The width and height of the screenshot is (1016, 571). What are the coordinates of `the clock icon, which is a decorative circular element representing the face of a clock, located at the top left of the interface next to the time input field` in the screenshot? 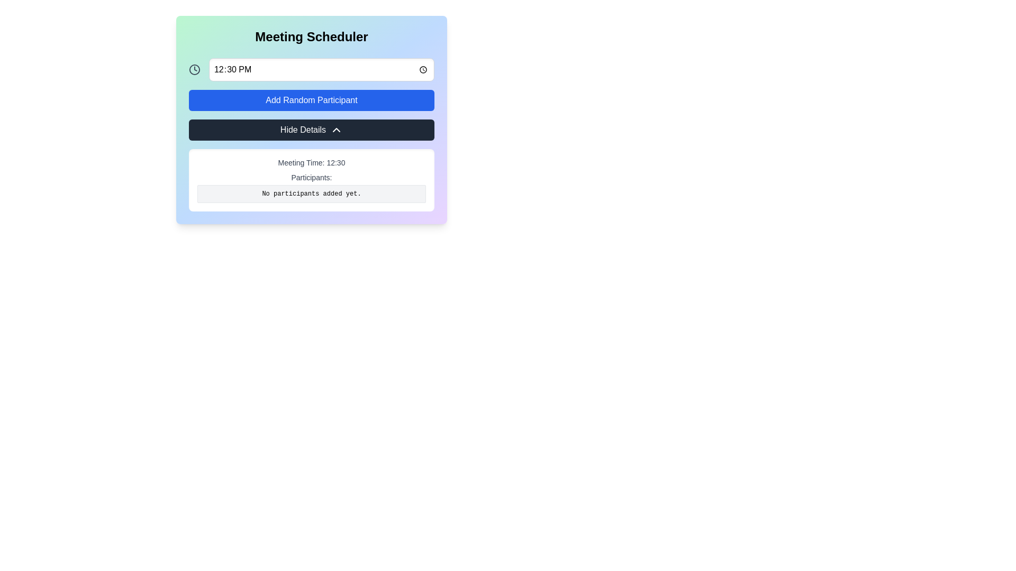 It's located at (195, 69).